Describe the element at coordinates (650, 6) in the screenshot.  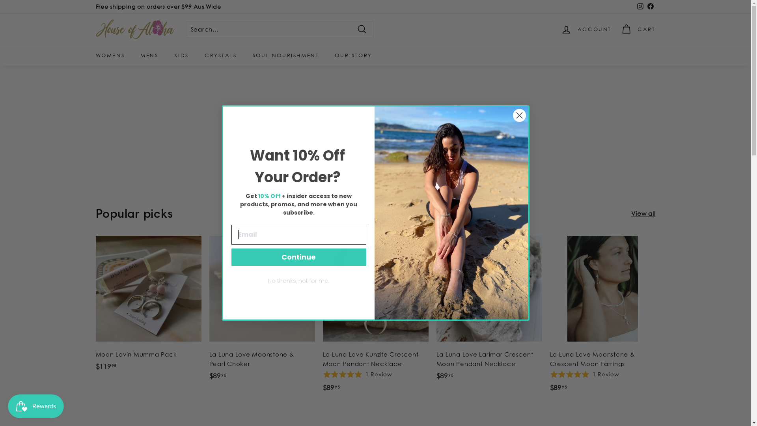
I see `'Facebook'` at that location.